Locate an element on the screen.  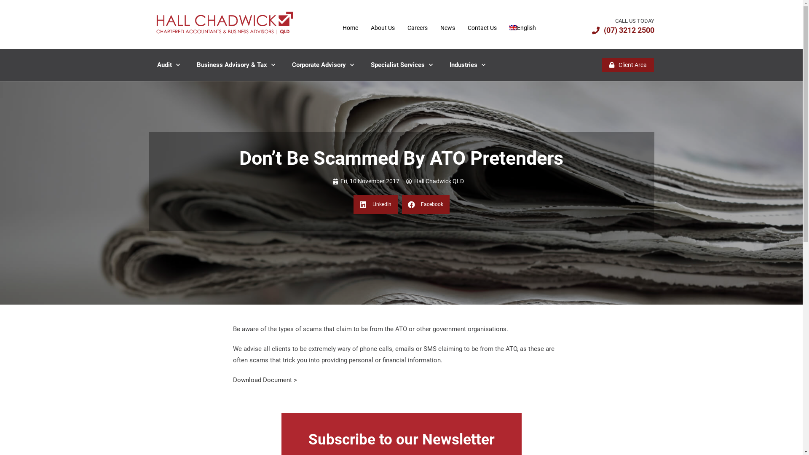
'Home' is located at coordinates (350, 27).